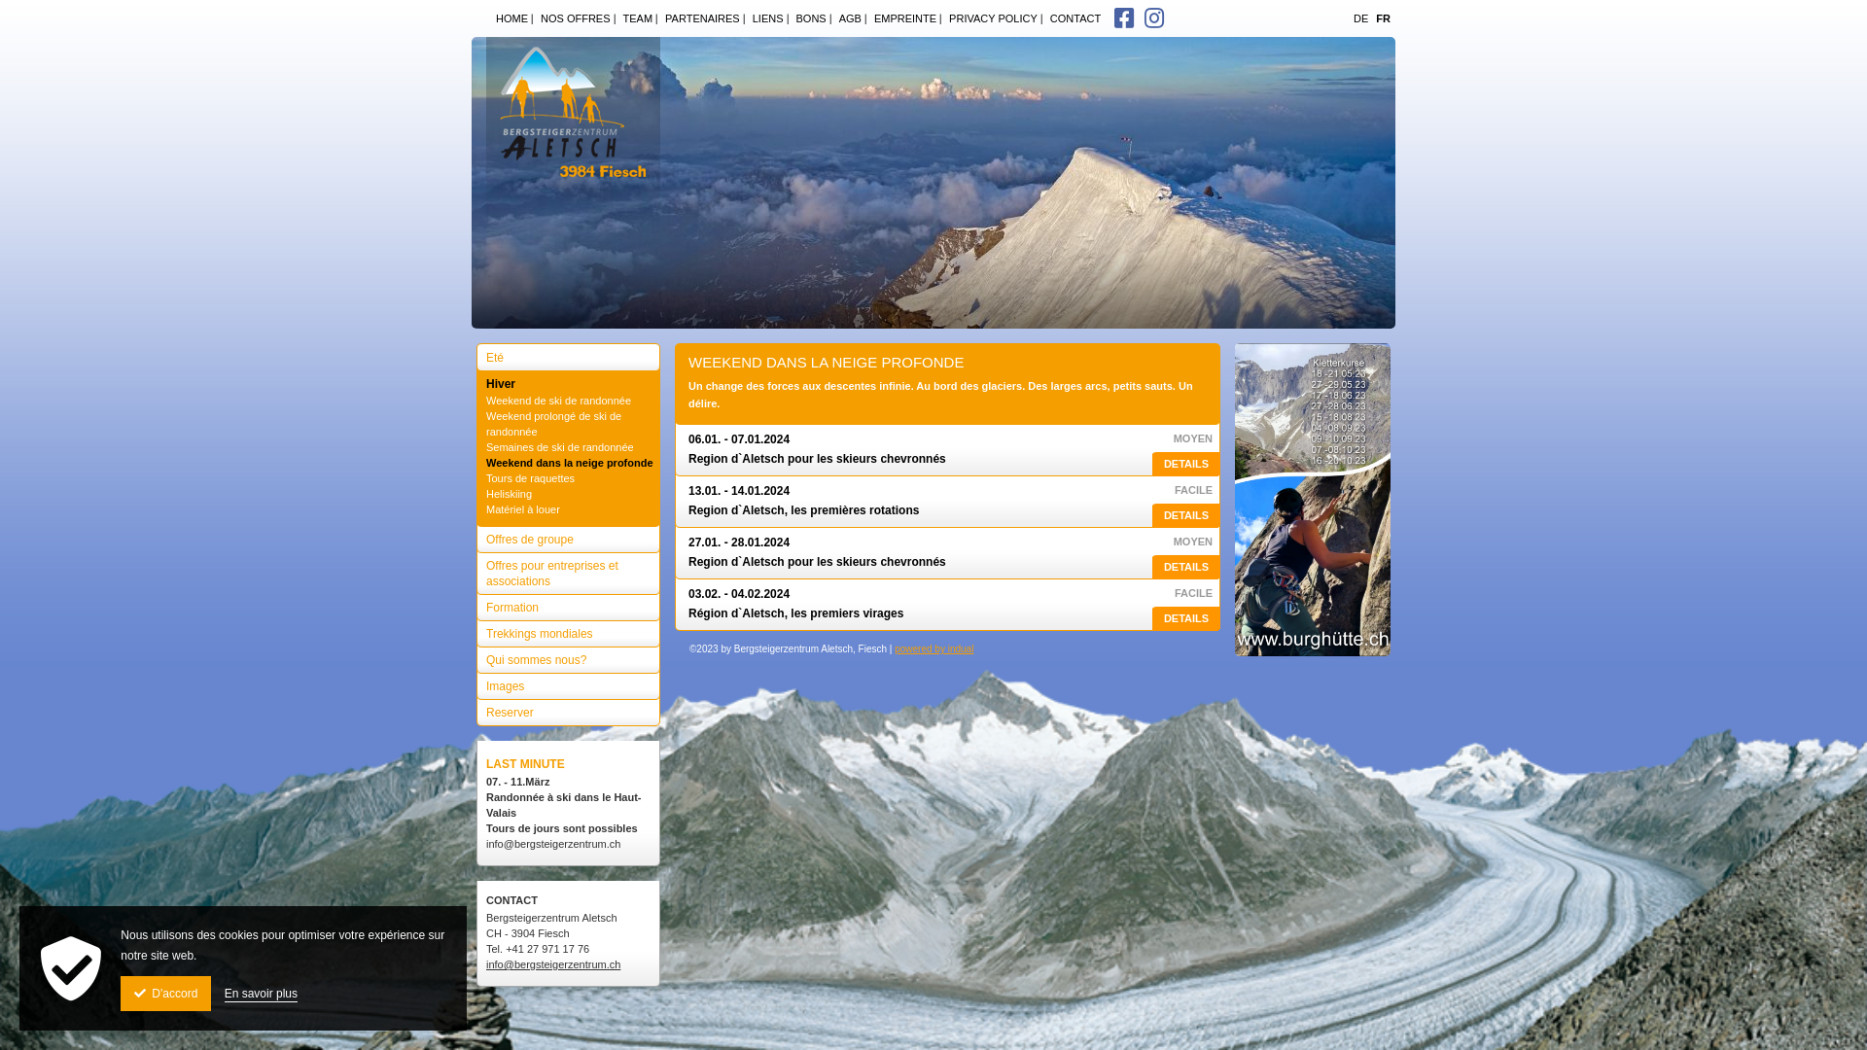 The width and height of the screenshot is (1867, 1050). I want to click on 'NOS OFFRES', so click(531, 18).